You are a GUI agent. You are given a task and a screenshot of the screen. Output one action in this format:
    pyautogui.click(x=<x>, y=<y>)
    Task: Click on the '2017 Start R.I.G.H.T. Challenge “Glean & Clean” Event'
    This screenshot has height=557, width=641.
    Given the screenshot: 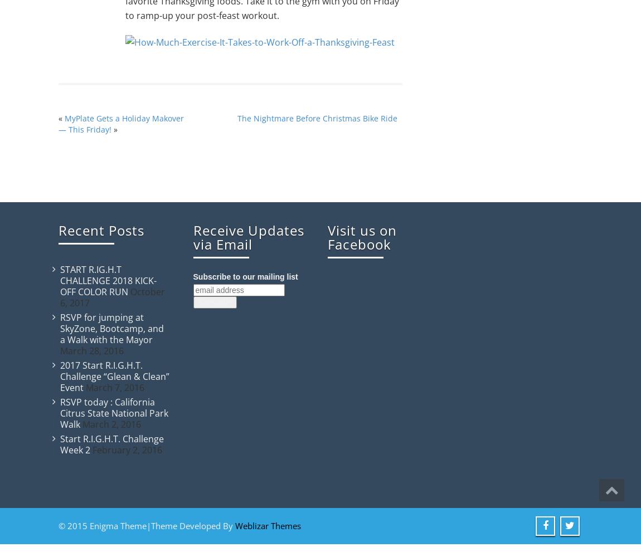 What is the action you would take?
    pyautogui.click(x=114, y=377)
    